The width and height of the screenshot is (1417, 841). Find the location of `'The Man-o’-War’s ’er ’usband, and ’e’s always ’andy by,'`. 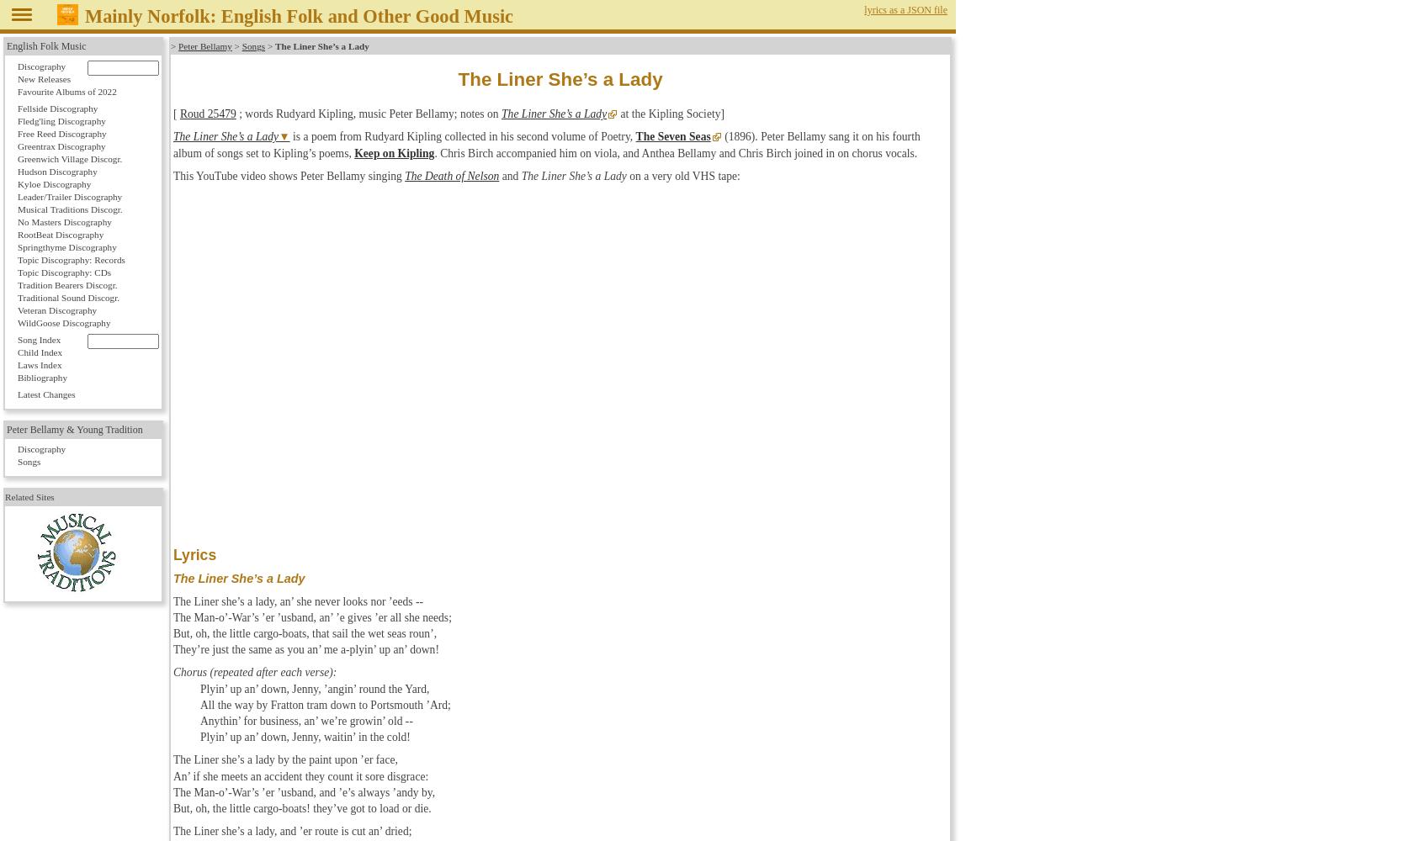

'The Man-o’-War’s ’er ’usband, and ’e’s always ’andy by,' is located at coordinates (172, 791).